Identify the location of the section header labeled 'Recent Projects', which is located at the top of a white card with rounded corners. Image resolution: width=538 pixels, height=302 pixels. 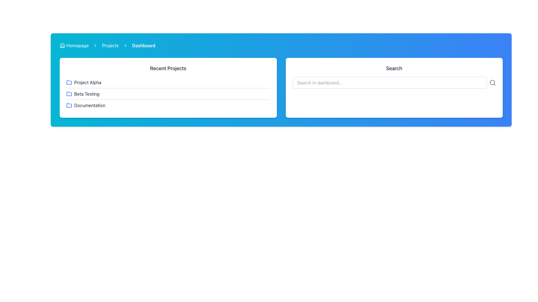
(168, 68).